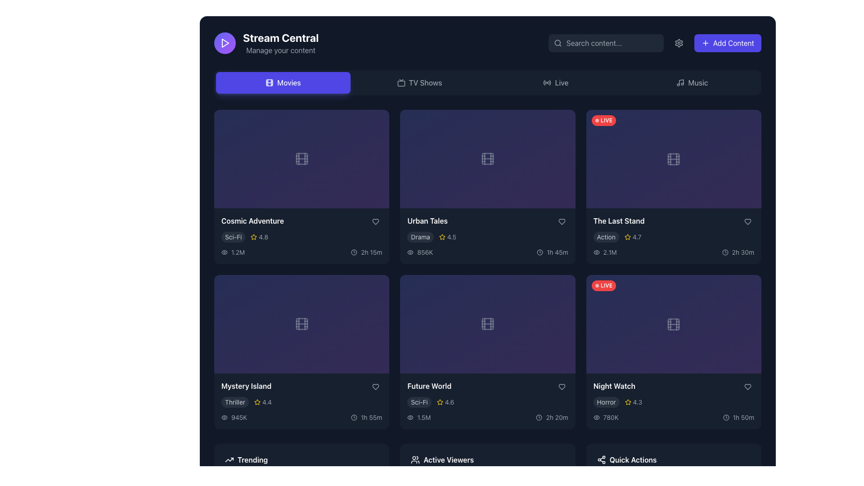 The image size is (864, 486). I want to click on the 'Urban Tales' text label, which serves as a title for content identification and selection, located in the top-middle section of the interface, so click(427, 220).